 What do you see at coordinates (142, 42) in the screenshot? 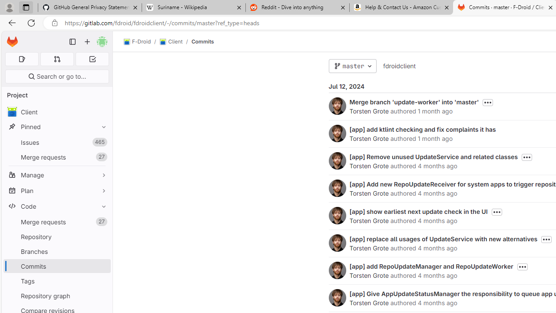
I see `'F-Droid/'` at bounding box center [142, 42].